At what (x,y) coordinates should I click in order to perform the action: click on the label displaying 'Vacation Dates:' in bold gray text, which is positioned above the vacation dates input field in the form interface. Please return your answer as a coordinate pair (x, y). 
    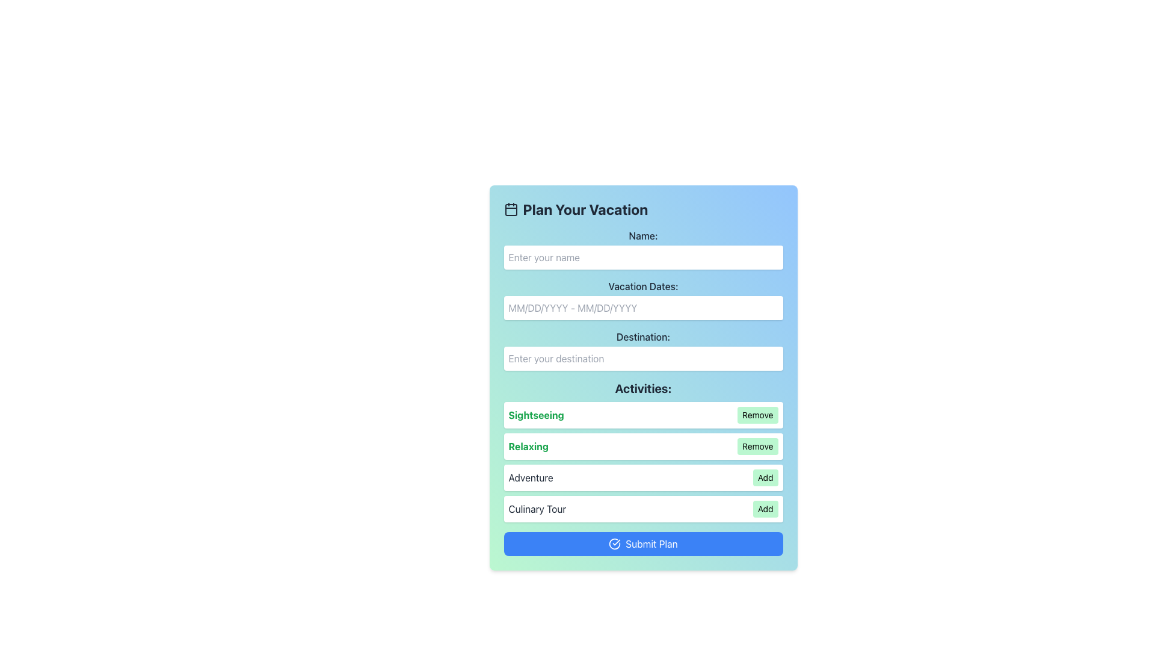
    Looking at the image, I should click on (642, 286).